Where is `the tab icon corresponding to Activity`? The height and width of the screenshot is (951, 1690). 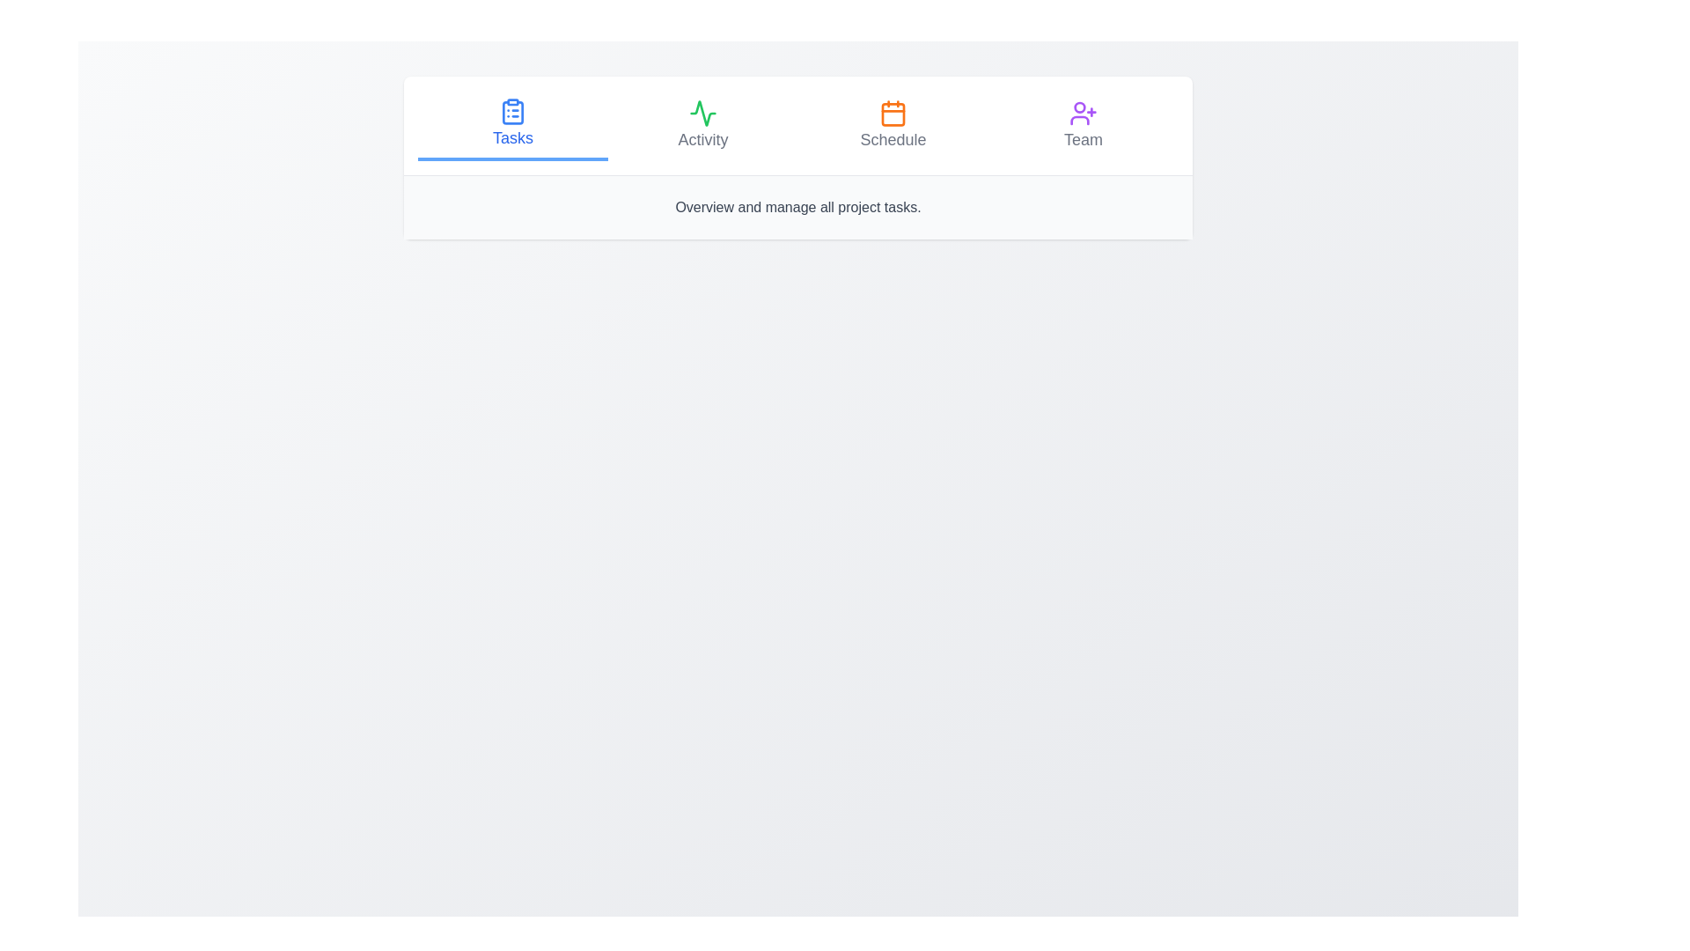 the tab icon corresponding to Activity is located at coordinates (702, 113).